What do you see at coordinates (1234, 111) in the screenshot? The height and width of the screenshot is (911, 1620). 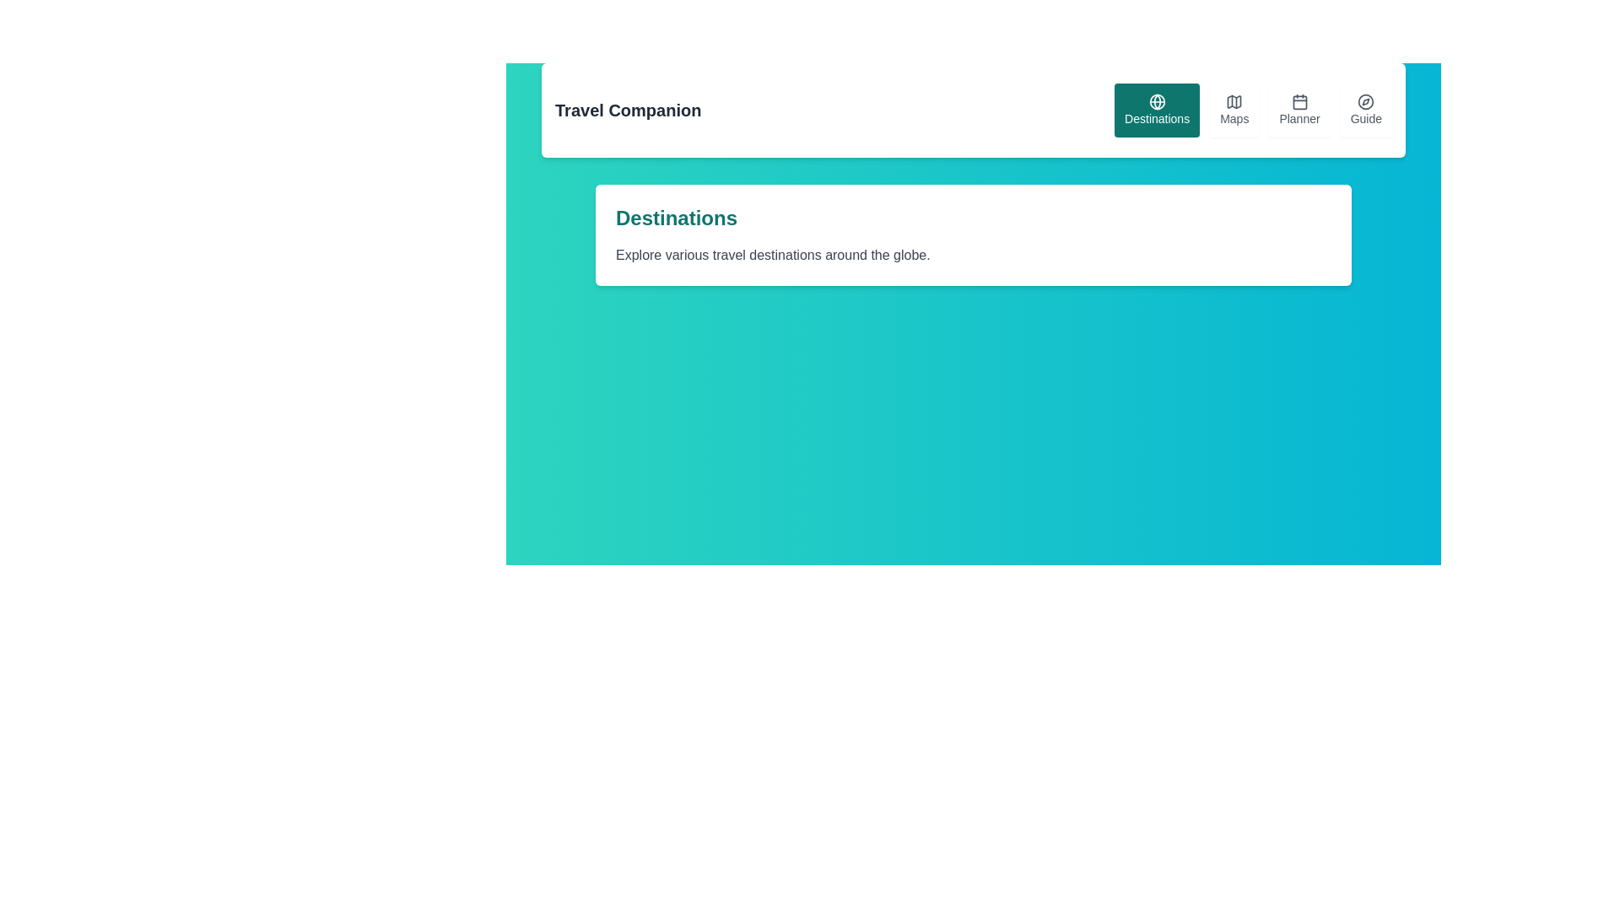 I see `the navigation button located in the top-right corner of the interface, which is the second button after 'Destinations' and before 'Planner'` at bounding box center [1234, 111].